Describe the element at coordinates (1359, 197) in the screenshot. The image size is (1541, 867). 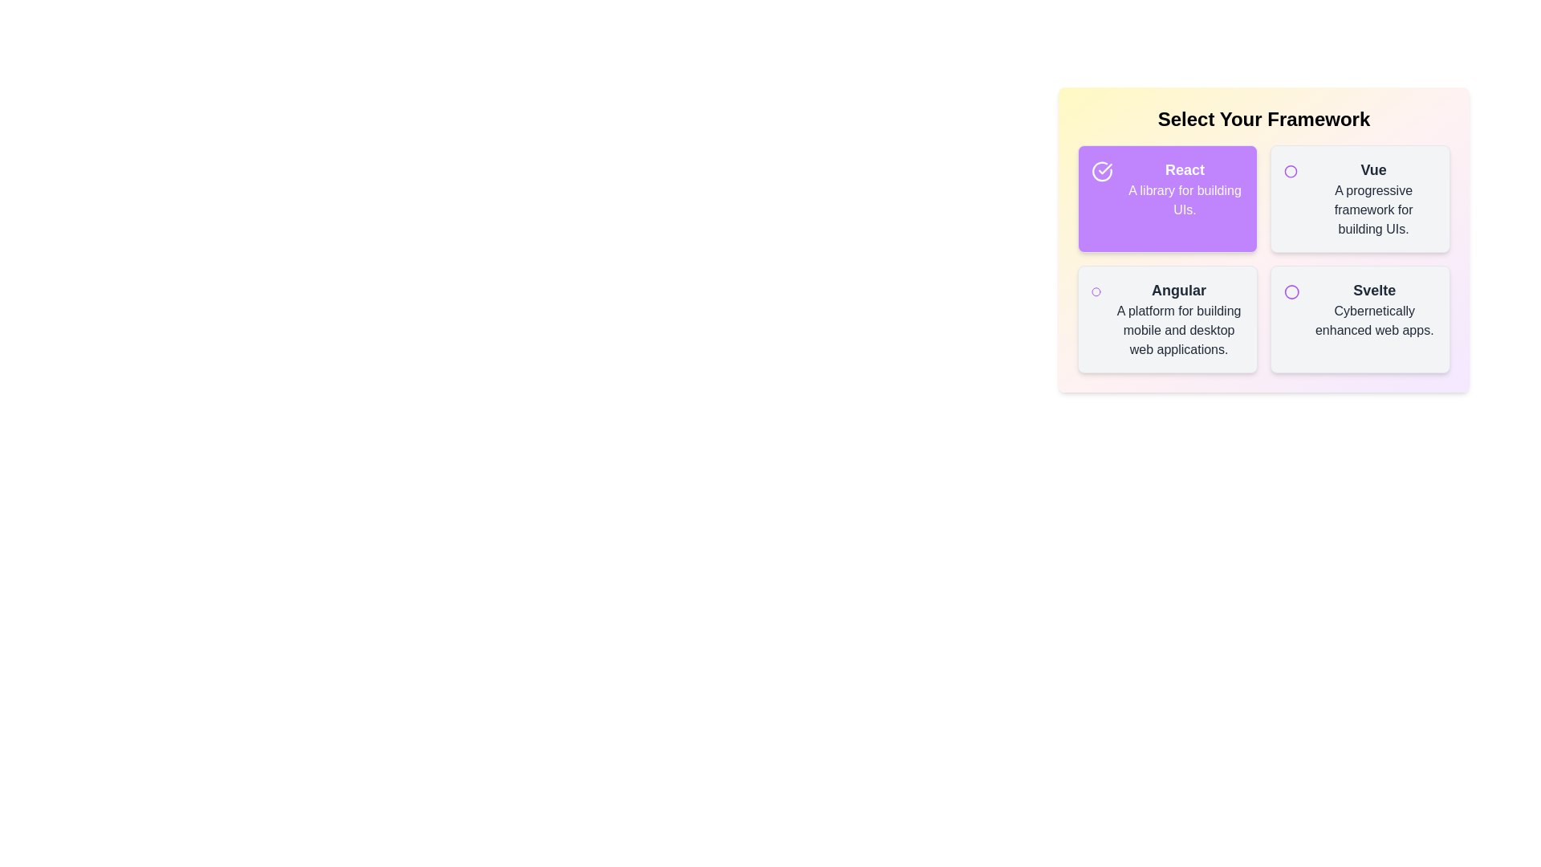
I see `the item labeled Vue to toggle its selection state` at that location.